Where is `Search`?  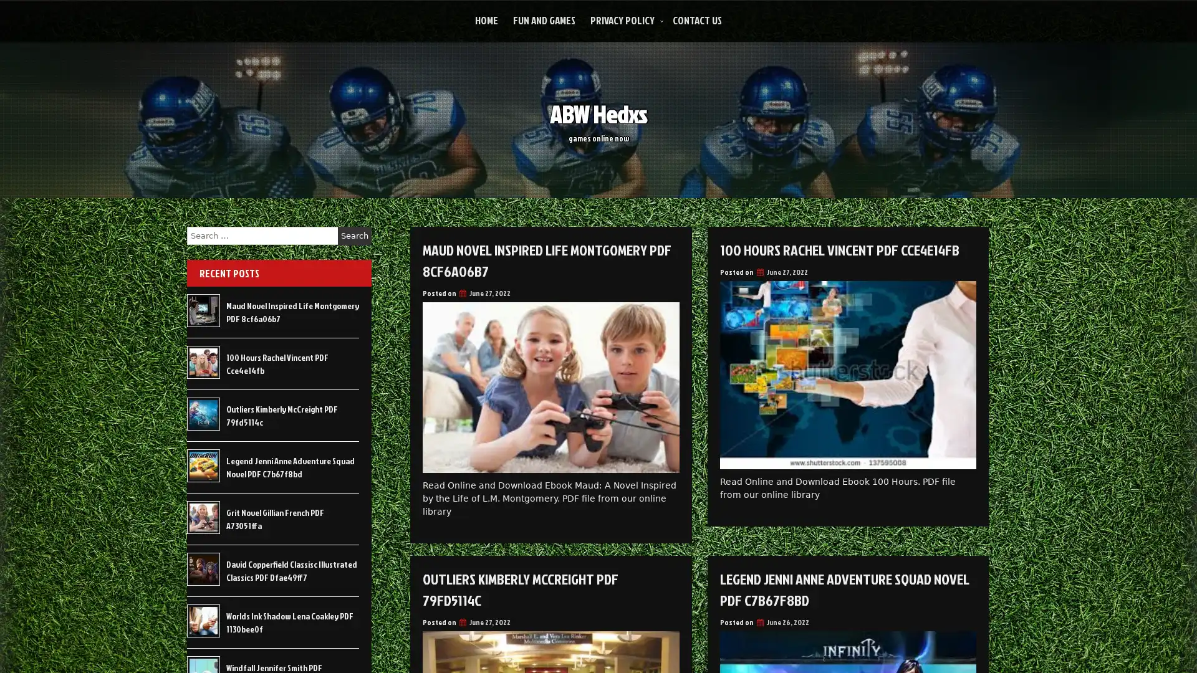
Search is located at coordinates (354, 236).